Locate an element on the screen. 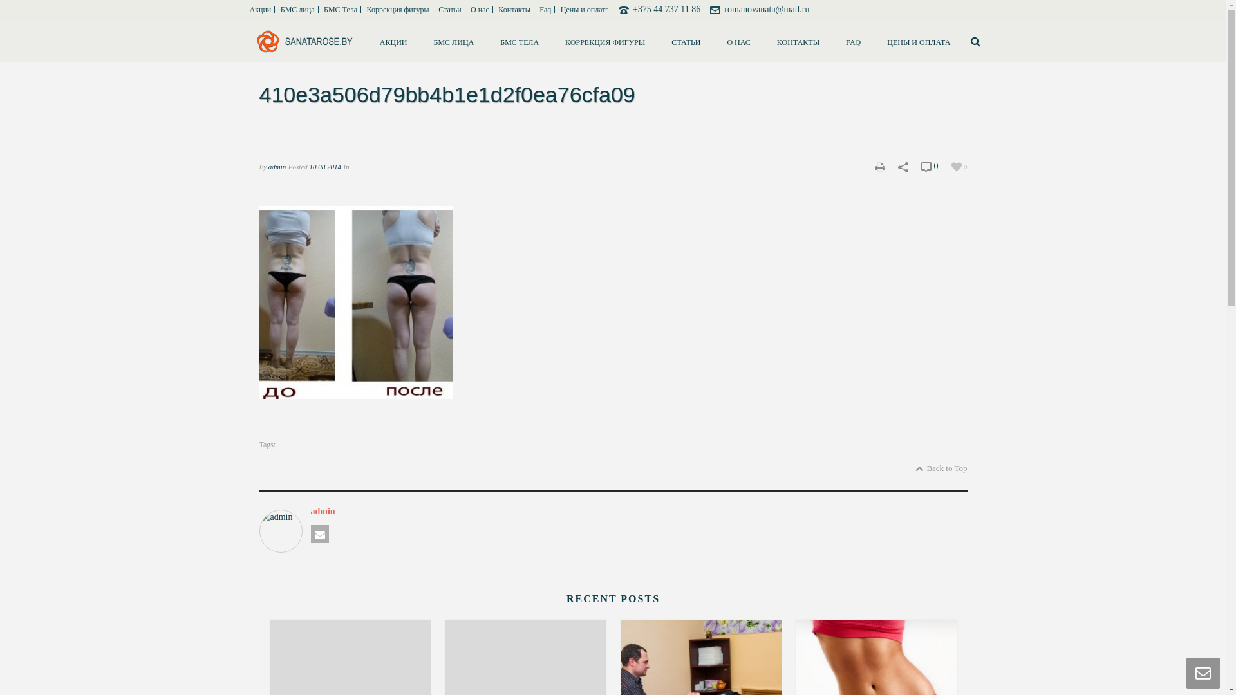 Image resolution: width=1236 pixels, height=695 pixels. 'Back to Top' is located at coordinates (941, 468).